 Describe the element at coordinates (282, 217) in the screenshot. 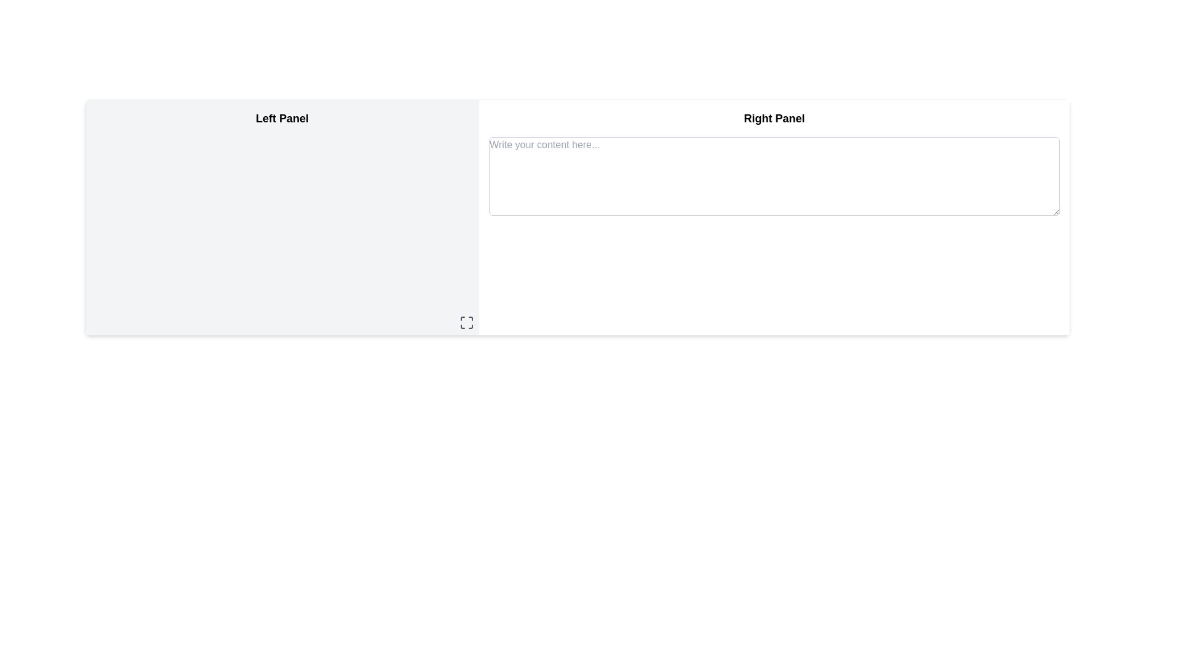

I see `the 'Left Panel' which has a light gray background and is positioned on the left side of a two-panel layout` at that location.